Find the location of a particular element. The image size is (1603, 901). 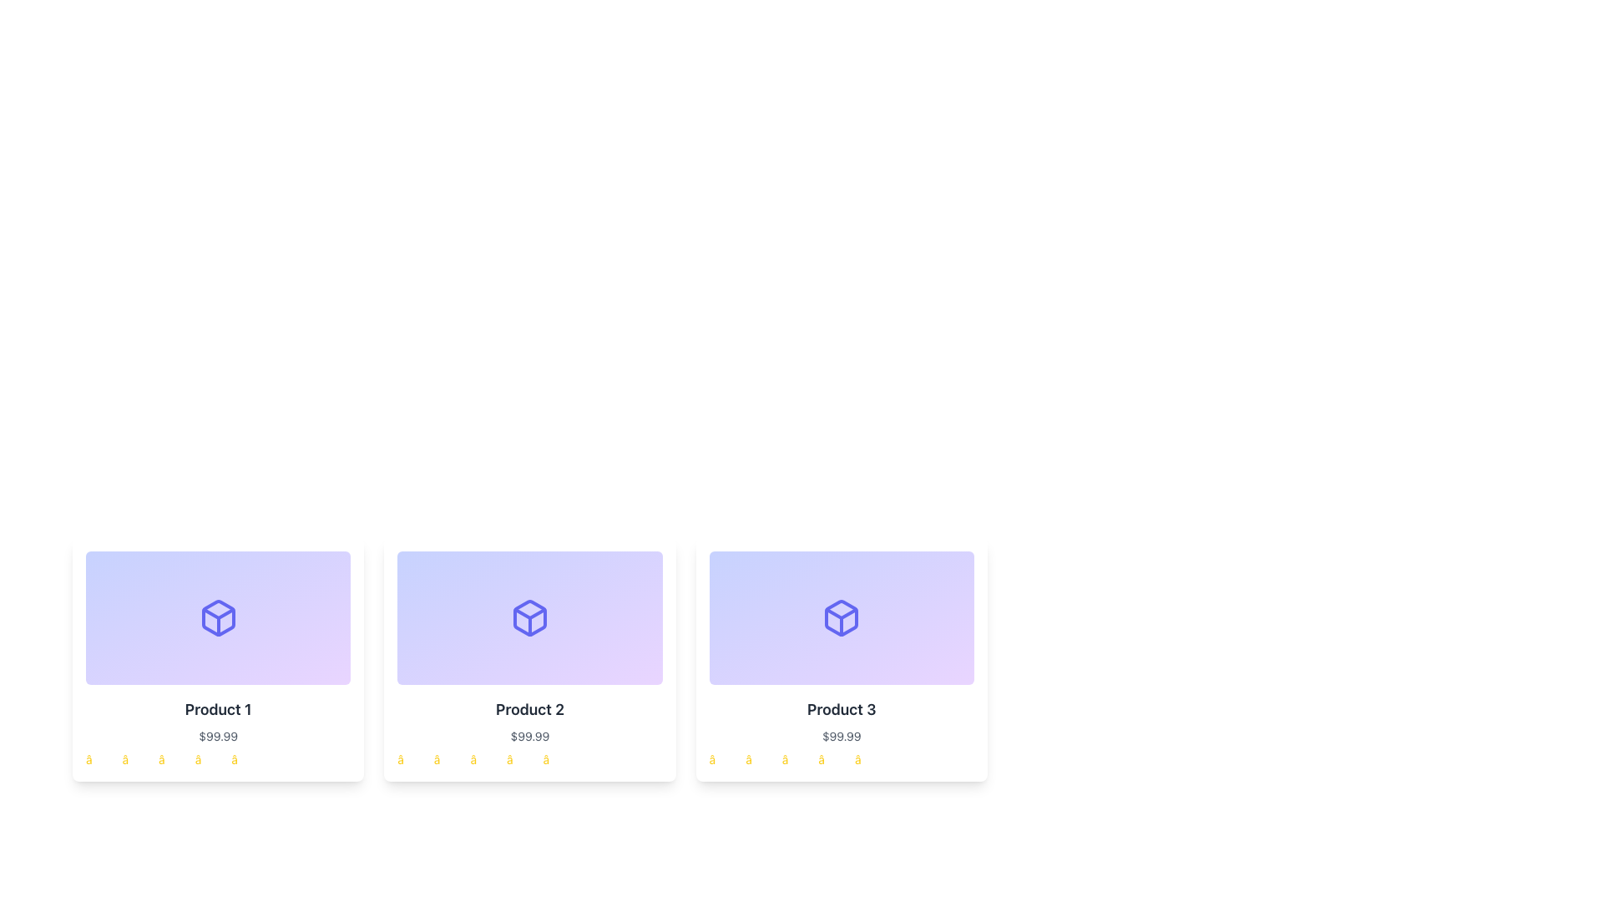

the price label displaying '$99.99', which is positioned under the 'Product 2' title and above the rating stars in the product card is located at coordinates (528, 736).